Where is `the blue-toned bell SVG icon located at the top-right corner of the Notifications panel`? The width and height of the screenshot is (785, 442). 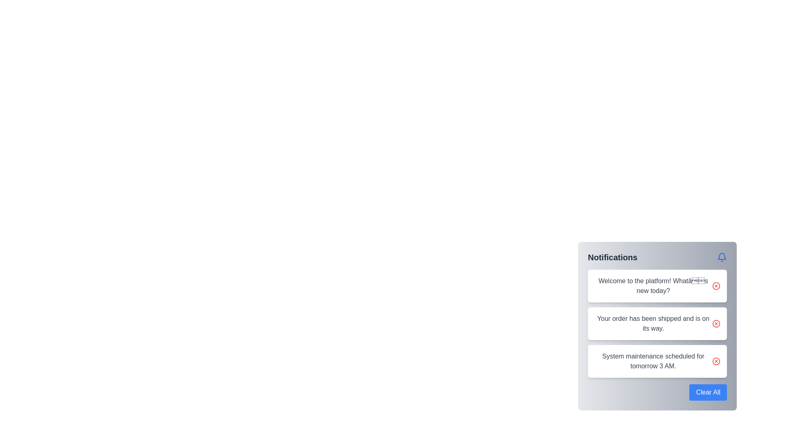
the blue-toned bell SVG icon located at the top-right corner of the Notifications panel is located at coordinates (722, 257).